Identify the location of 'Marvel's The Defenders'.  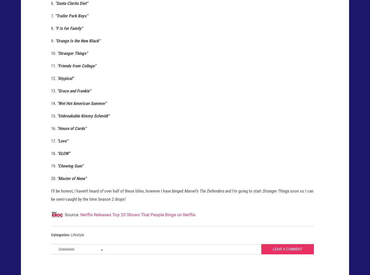
(204, 195).